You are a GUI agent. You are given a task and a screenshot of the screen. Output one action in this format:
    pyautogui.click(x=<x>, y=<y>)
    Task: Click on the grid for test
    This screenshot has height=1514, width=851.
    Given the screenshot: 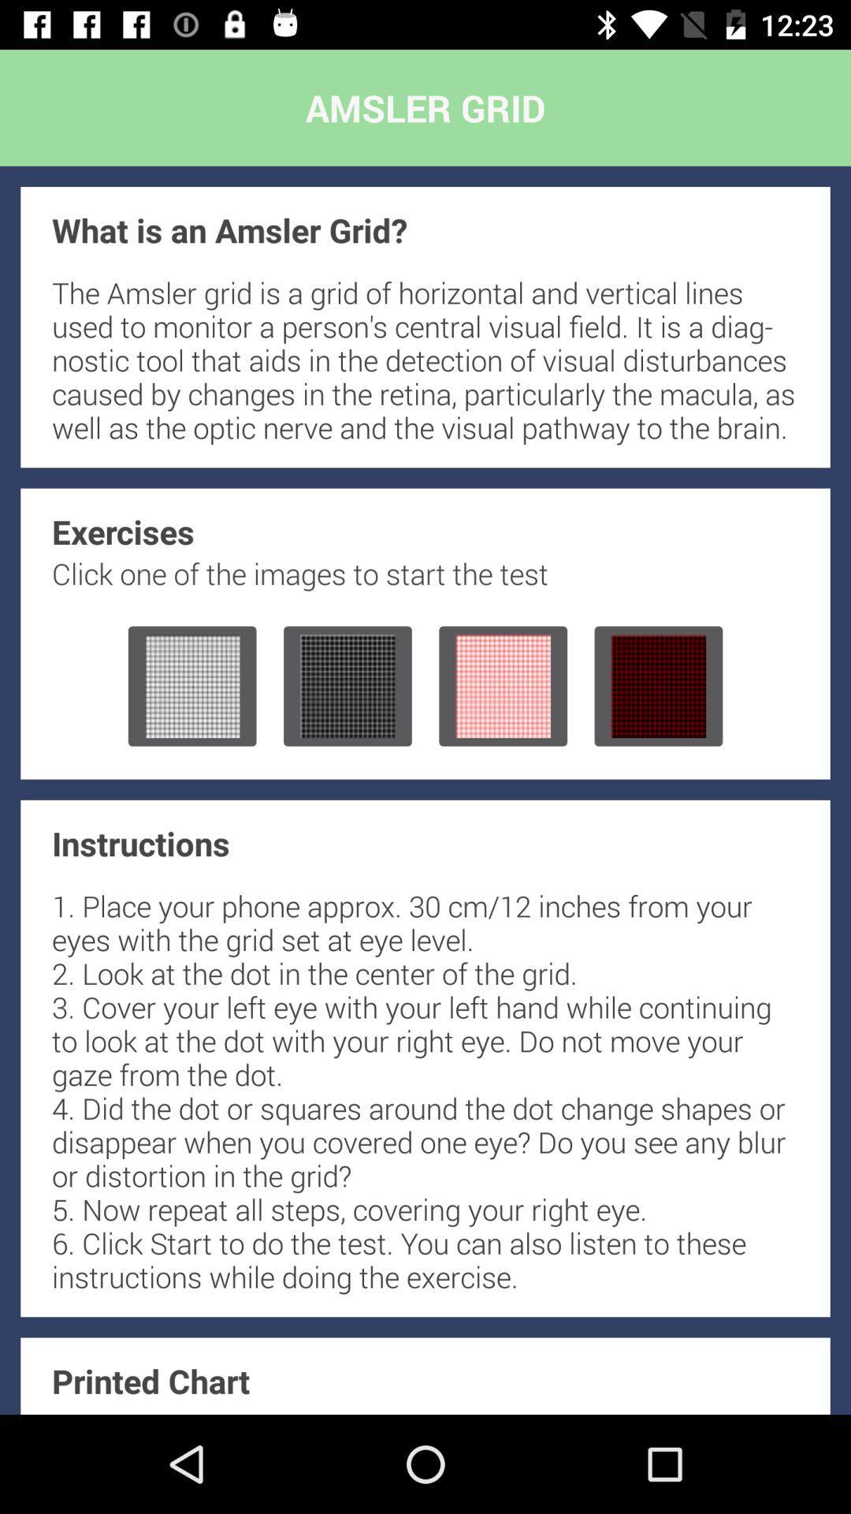 What is the action you would take?
    pyautogui.click(x=658, y=686)
    